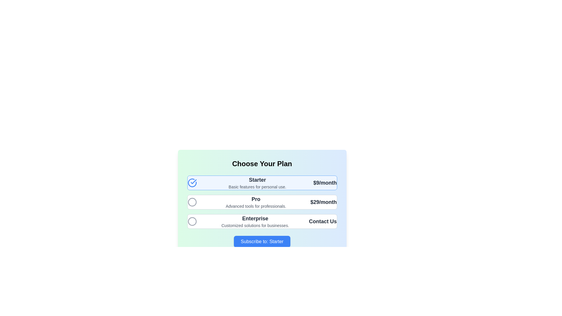 Image resolution: width=562 pixels, height=316 pixels. What do you see at coordinates (323, 221) in the screenshot?
I see `the 'Contact Us' text label, which is styled in a bold font with large size and dark gray color, located at the far right of the 'Enterprise' plan section` at bounding box center [323, 221].